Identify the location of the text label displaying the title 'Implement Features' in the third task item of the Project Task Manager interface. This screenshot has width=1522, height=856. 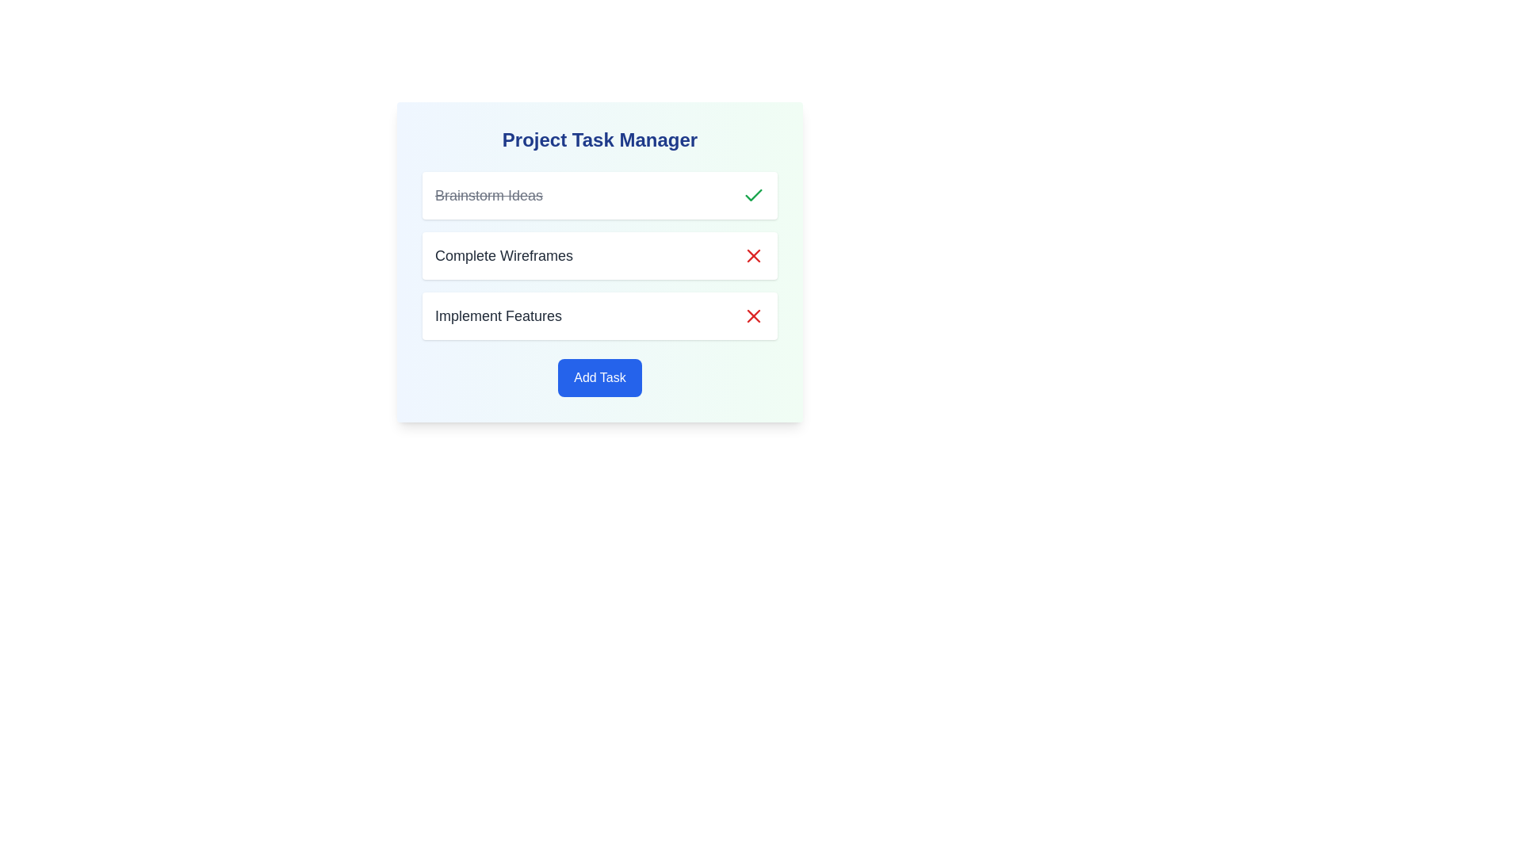
(497, 315).